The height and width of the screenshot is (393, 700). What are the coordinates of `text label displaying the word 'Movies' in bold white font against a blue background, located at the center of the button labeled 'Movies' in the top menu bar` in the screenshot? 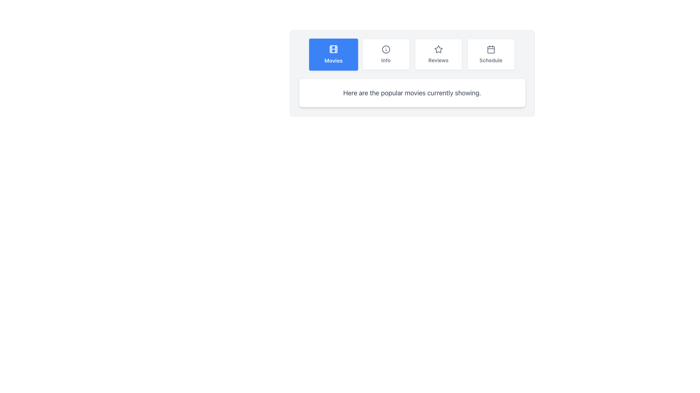 It's located at (333, 60).